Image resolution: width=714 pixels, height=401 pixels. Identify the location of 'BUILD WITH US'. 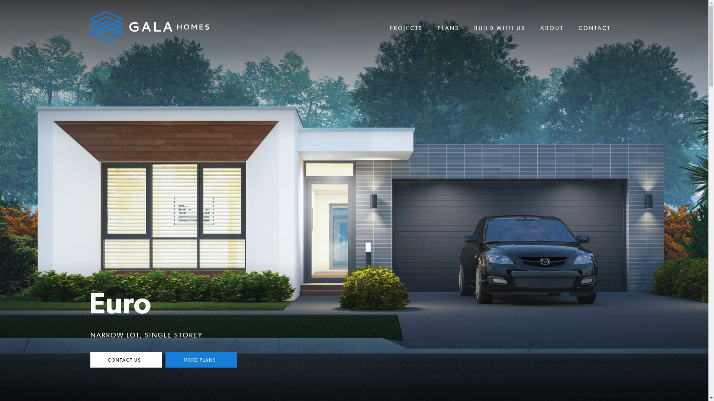
(499, 28).